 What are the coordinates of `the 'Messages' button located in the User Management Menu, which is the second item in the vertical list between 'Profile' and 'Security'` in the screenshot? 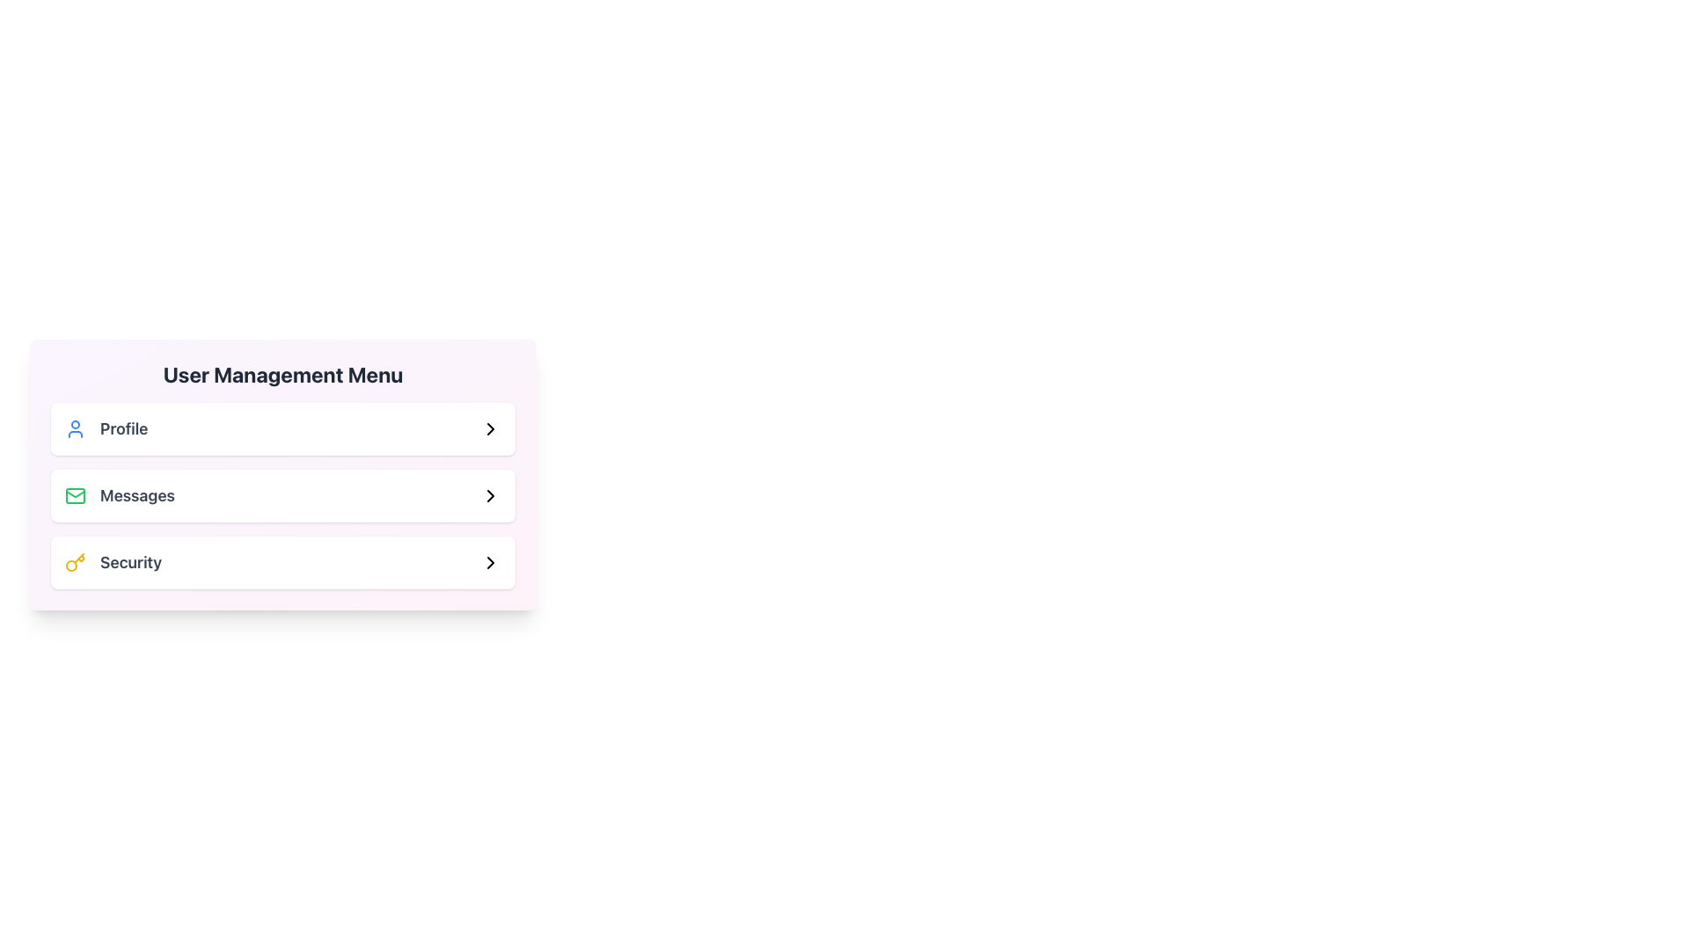 It's located at (282, 495).